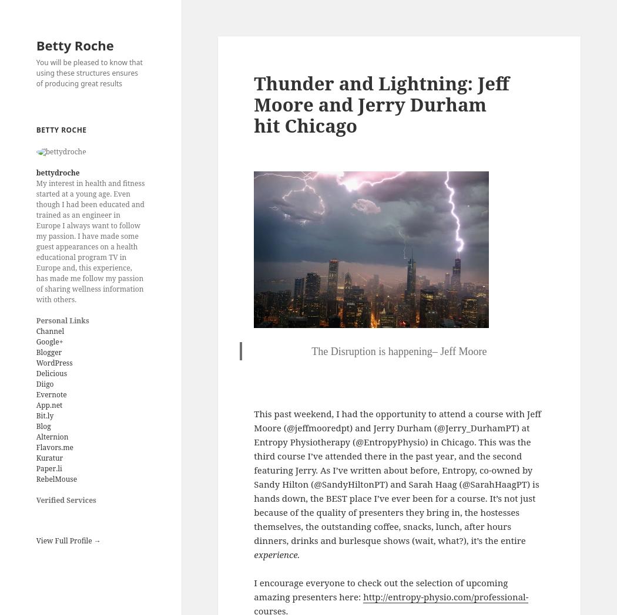 The height and width of the screenshot is (615, 617). I want to click on 'My interest in health and fitness started at a young age. Even though I had been educated and trained as an engineer in Europe I always want to follow my passion.  I have made some guest appearances on a health educational program TV in Europe and, this experience, has made me follow my passion of sharing wellness information with others.', so click(35, 241).